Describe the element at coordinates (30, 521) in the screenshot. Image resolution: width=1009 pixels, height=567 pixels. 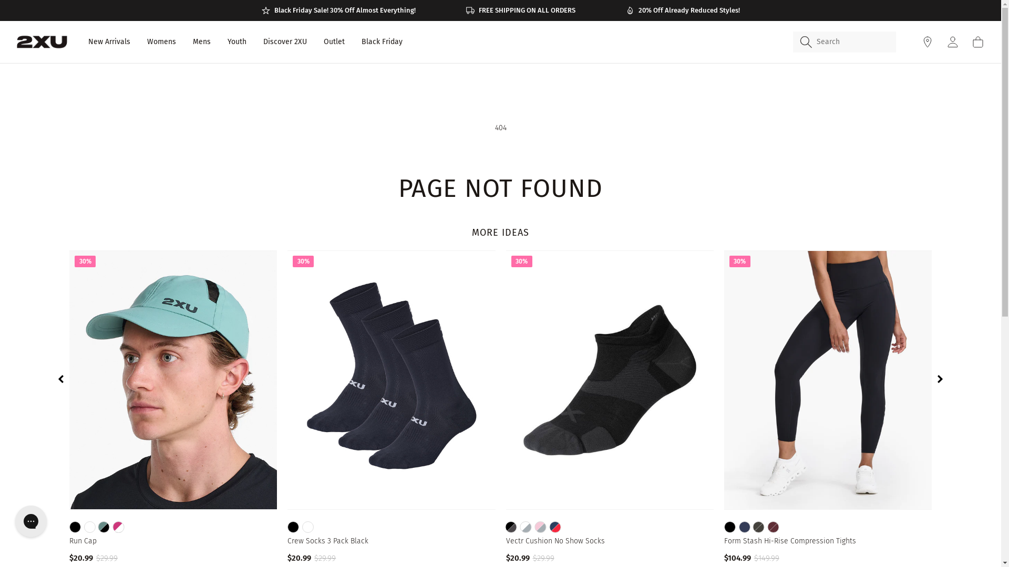
I see `'Gorgias live chat messenger'` at that location.